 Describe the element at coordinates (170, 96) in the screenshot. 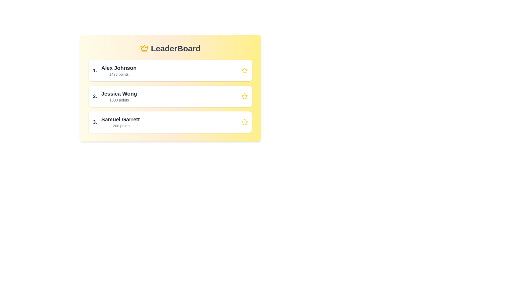

I see `the entry of player Jessica Wong` at that location.